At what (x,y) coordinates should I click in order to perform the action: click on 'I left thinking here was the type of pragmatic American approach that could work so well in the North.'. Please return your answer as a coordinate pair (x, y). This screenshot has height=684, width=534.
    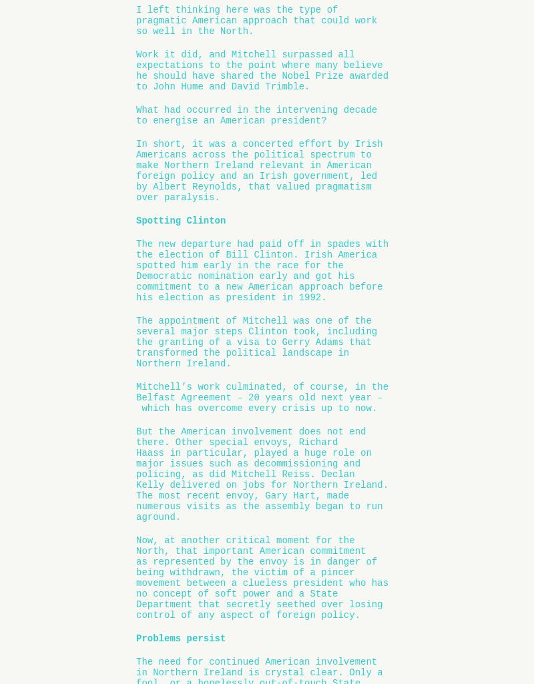
    Looking at the image, I should click on (256, 20).